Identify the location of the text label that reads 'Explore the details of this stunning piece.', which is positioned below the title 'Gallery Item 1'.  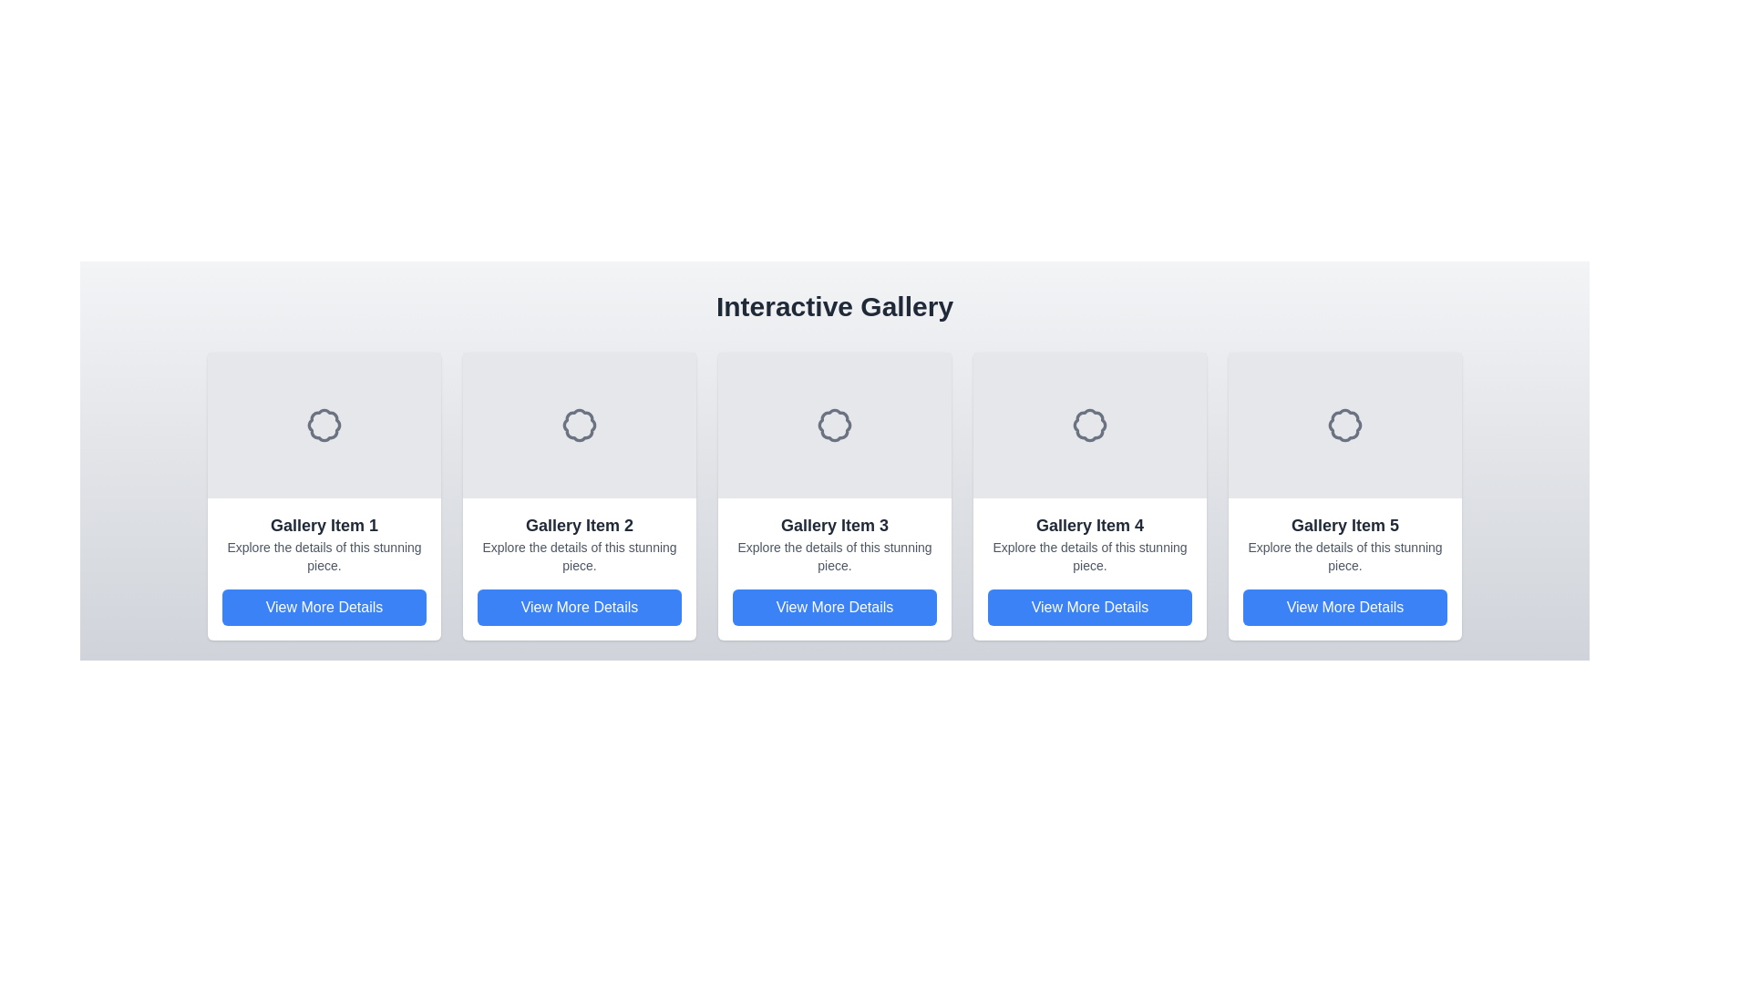
(324, 555).